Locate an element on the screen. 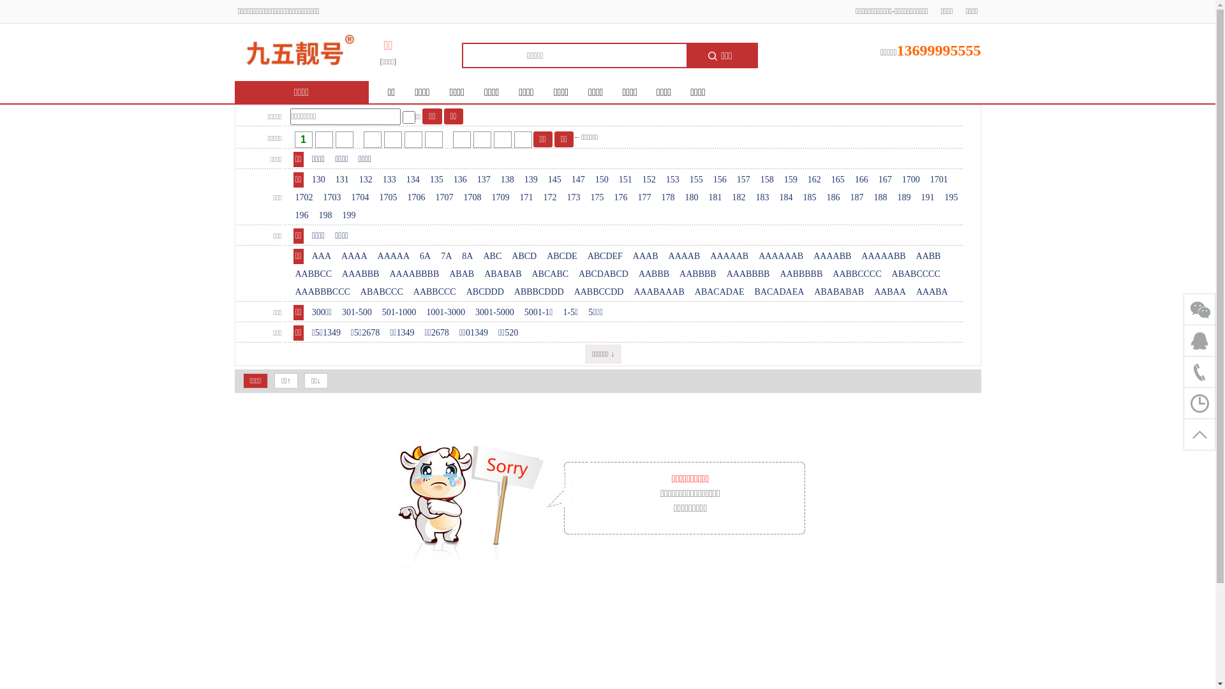 This screenshot has width=1225, height=689. 'ABABAB' is located at coordinates (501, 273).